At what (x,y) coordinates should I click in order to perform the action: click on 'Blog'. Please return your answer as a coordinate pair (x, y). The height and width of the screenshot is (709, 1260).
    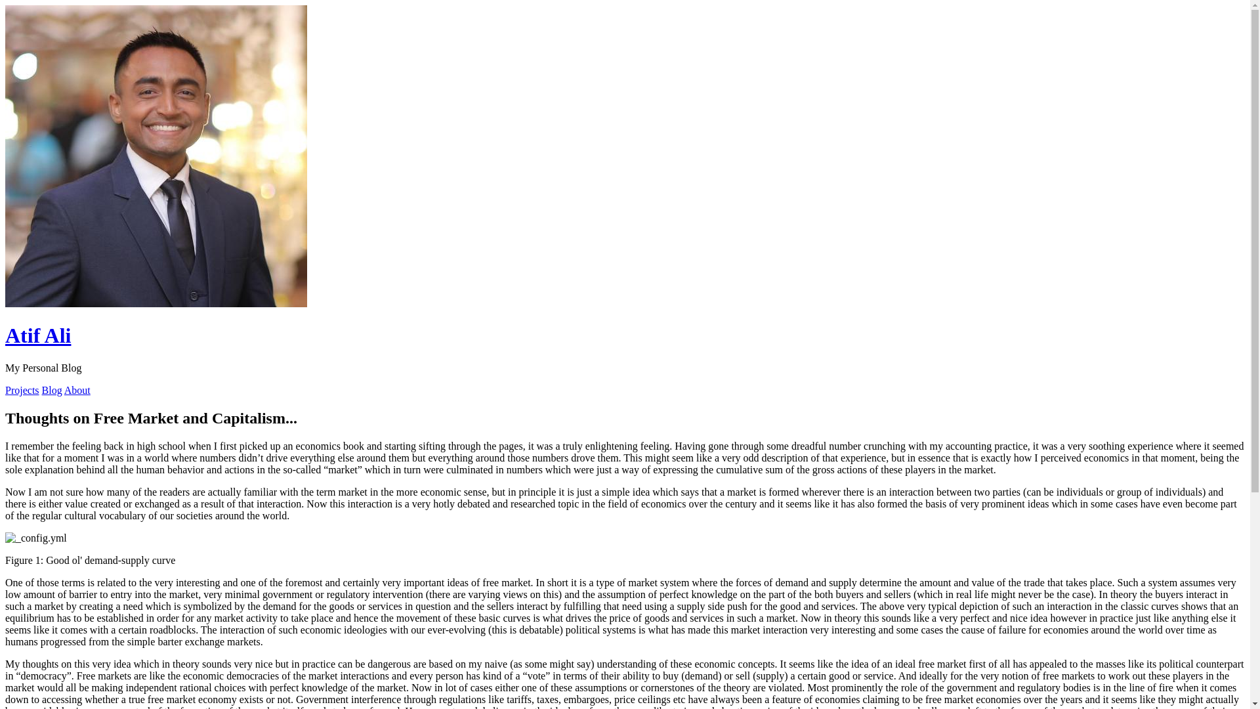
    Looking at the image, I should click on (52, 389).